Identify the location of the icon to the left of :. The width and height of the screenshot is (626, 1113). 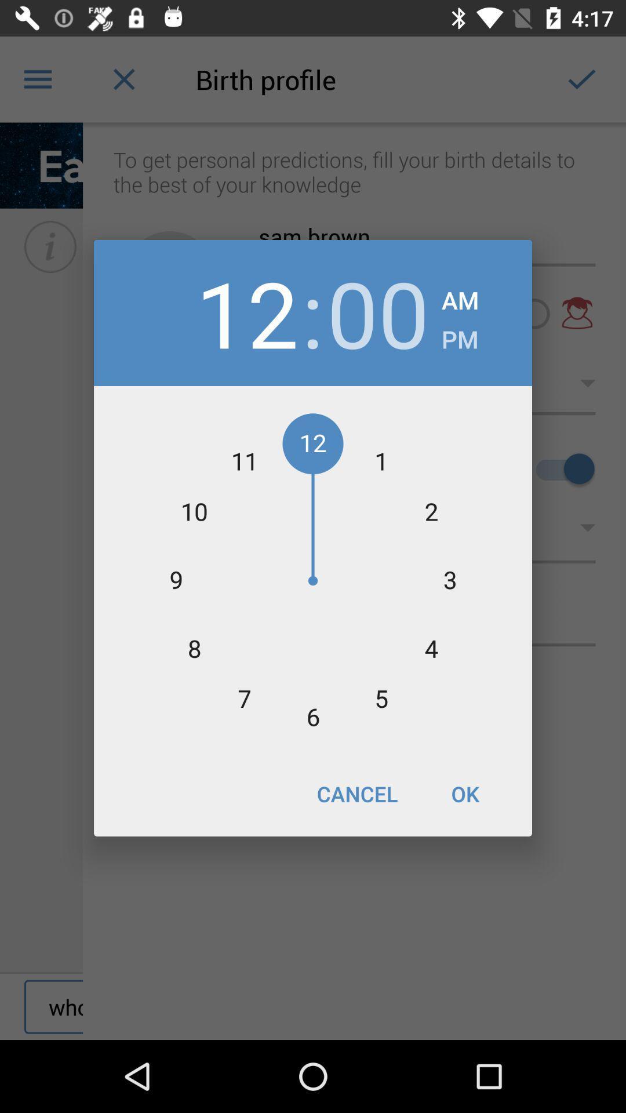
(246, 312).